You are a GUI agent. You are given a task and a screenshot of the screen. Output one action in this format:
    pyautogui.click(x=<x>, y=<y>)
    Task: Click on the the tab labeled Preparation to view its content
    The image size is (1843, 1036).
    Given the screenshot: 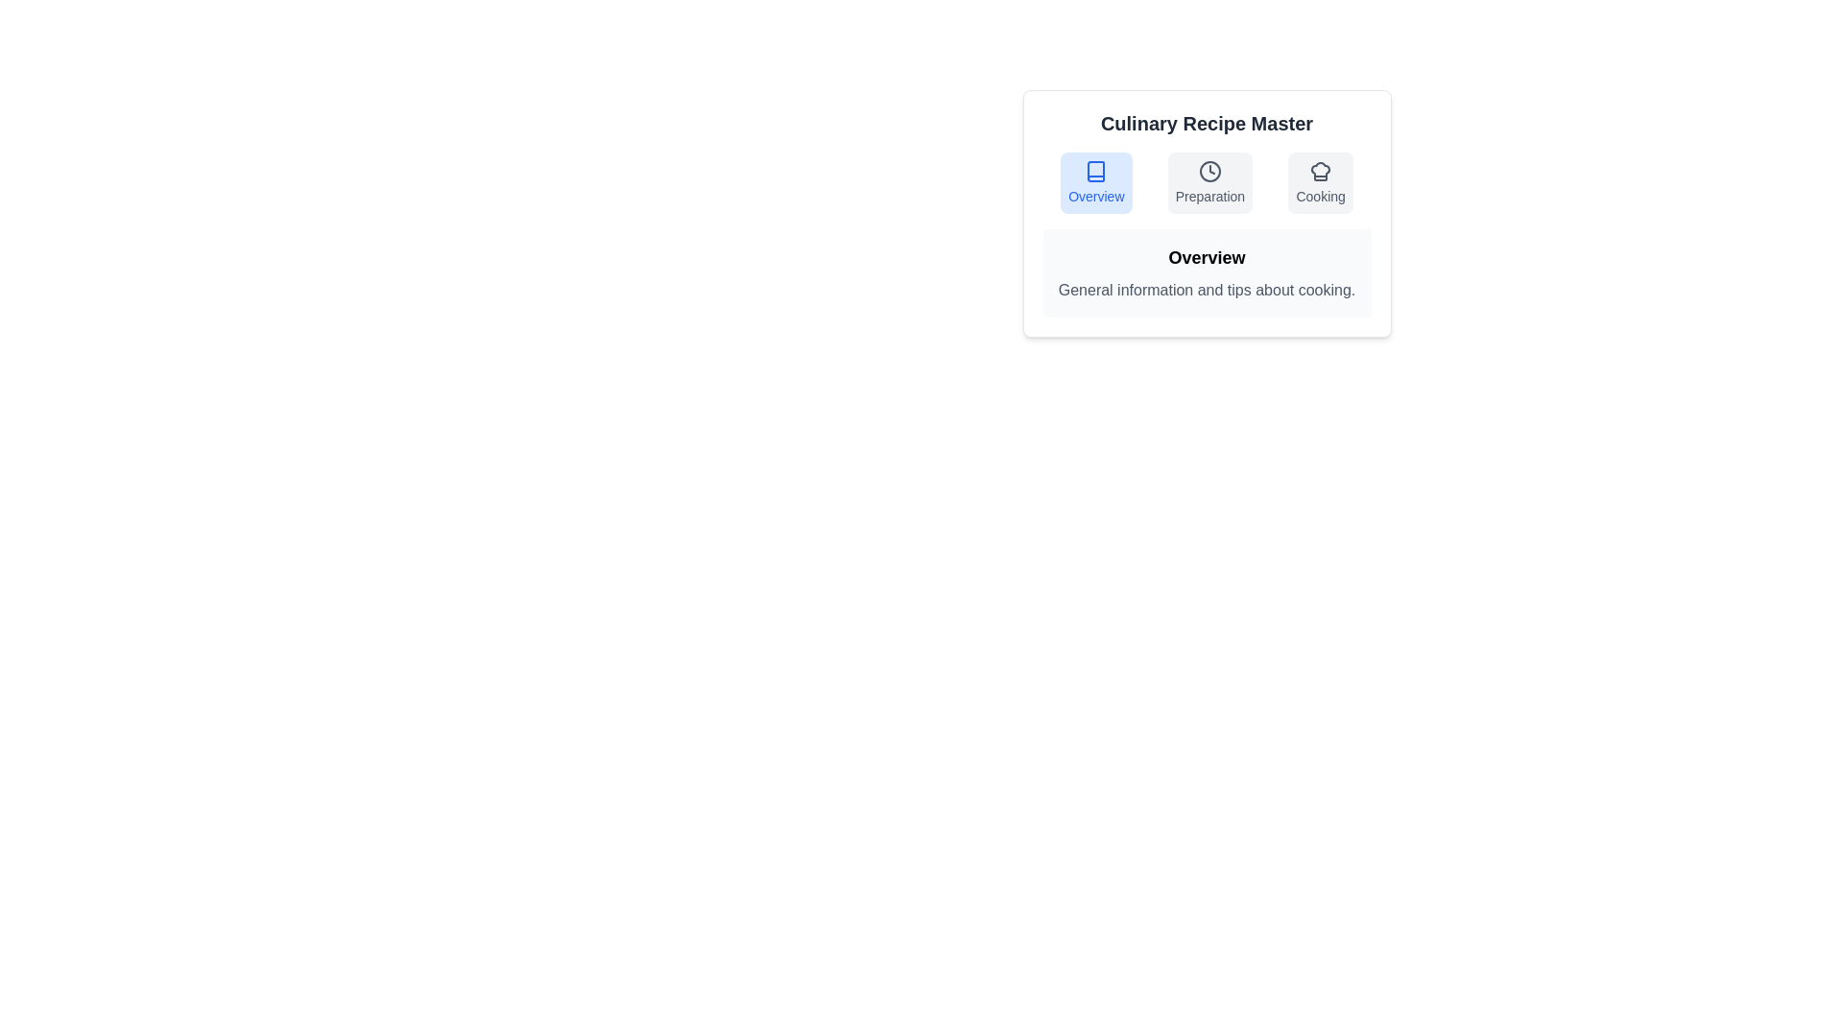 What is the action you would take?
    pyautogui.click(x=1209, y=183)
    